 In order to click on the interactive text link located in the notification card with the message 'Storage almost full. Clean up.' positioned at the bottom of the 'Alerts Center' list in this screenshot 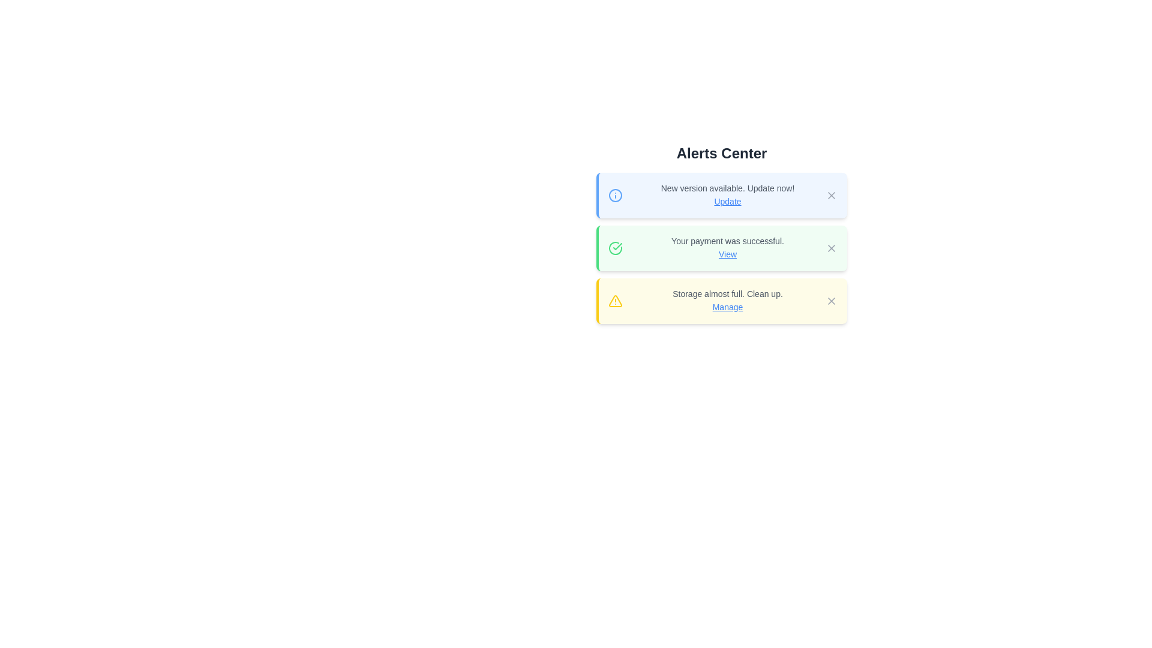, I will do `click(727, 307)`.